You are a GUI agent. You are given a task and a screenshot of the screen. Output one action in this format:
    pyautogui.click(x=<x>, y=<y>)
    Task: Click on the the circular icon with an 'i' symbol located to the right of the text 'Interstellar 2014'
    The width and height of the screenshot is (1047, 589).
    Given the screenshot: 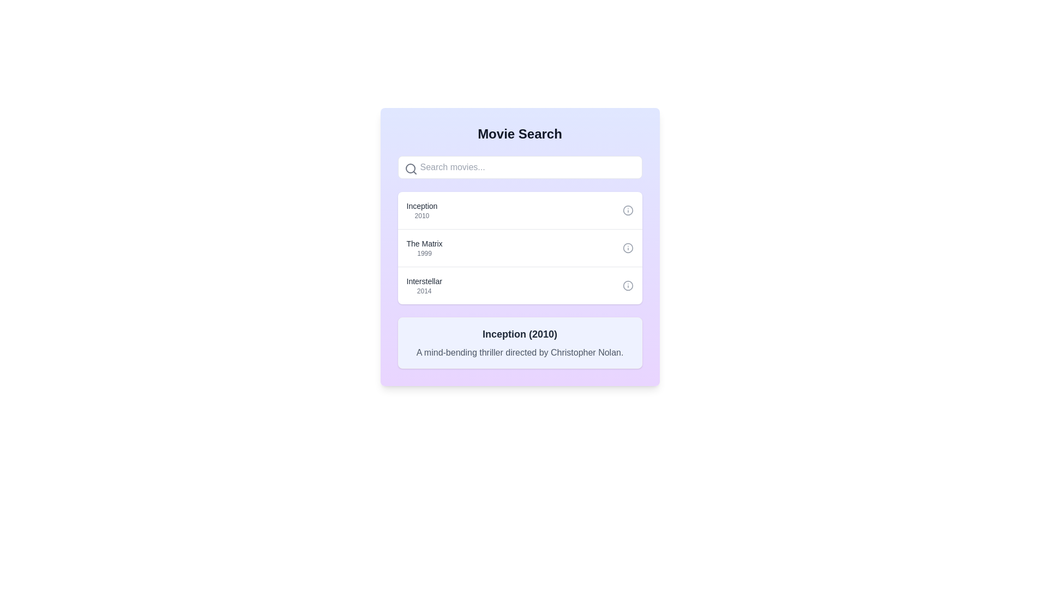 What is the action you would take?
    pyautogui.click(x=628, y=285)
    